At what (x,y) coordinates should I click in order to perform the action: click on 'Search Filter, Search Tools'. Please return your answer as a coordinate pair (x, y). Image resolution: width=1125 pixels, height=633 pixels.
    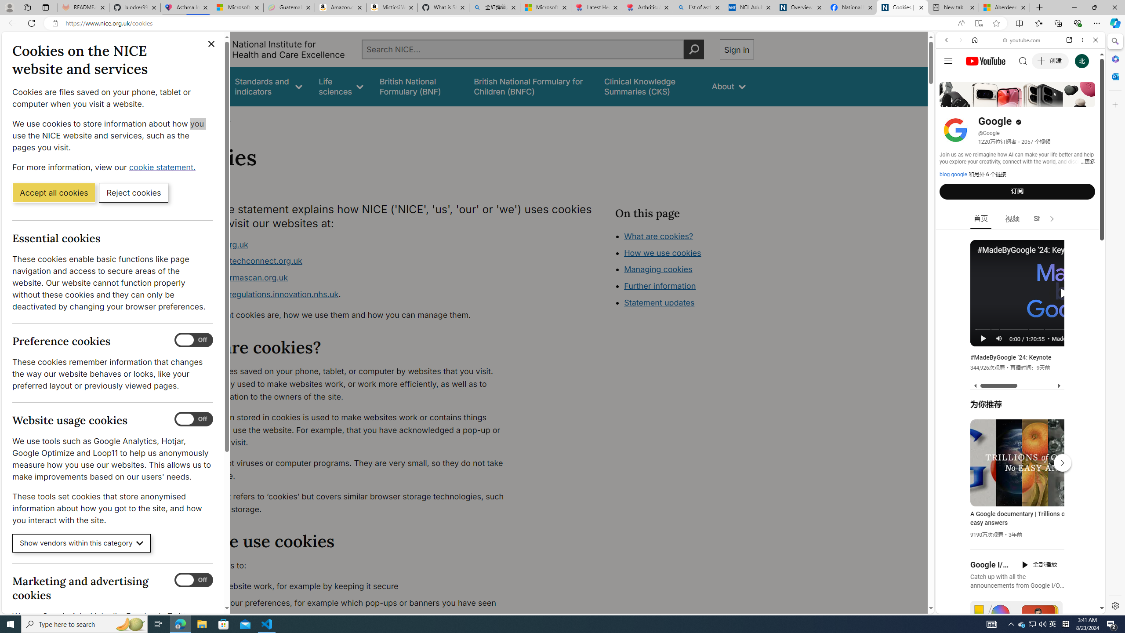
    Looking at the image, I should click on (1043, 100).